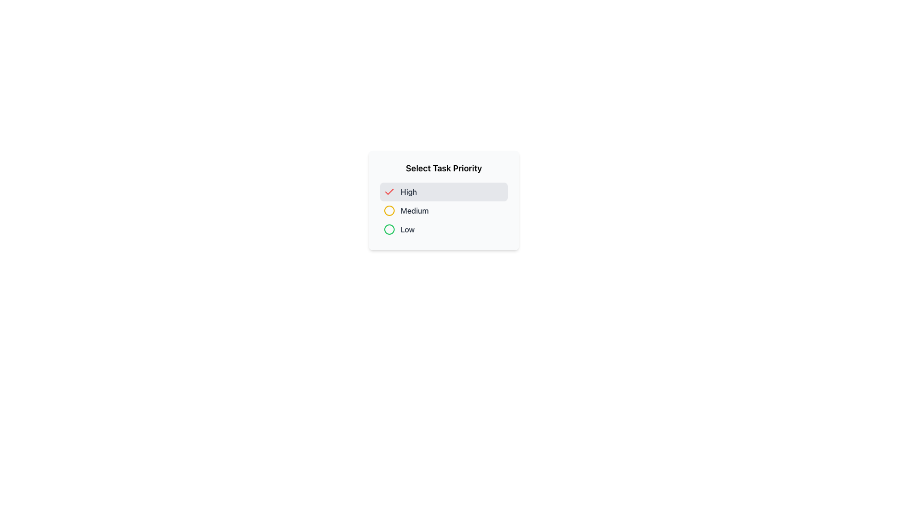 The height and width of the screenshot is (507, 902). I want to click on the green-styled circle icon that indicates the 'Low' priority option, so click(389, 230).